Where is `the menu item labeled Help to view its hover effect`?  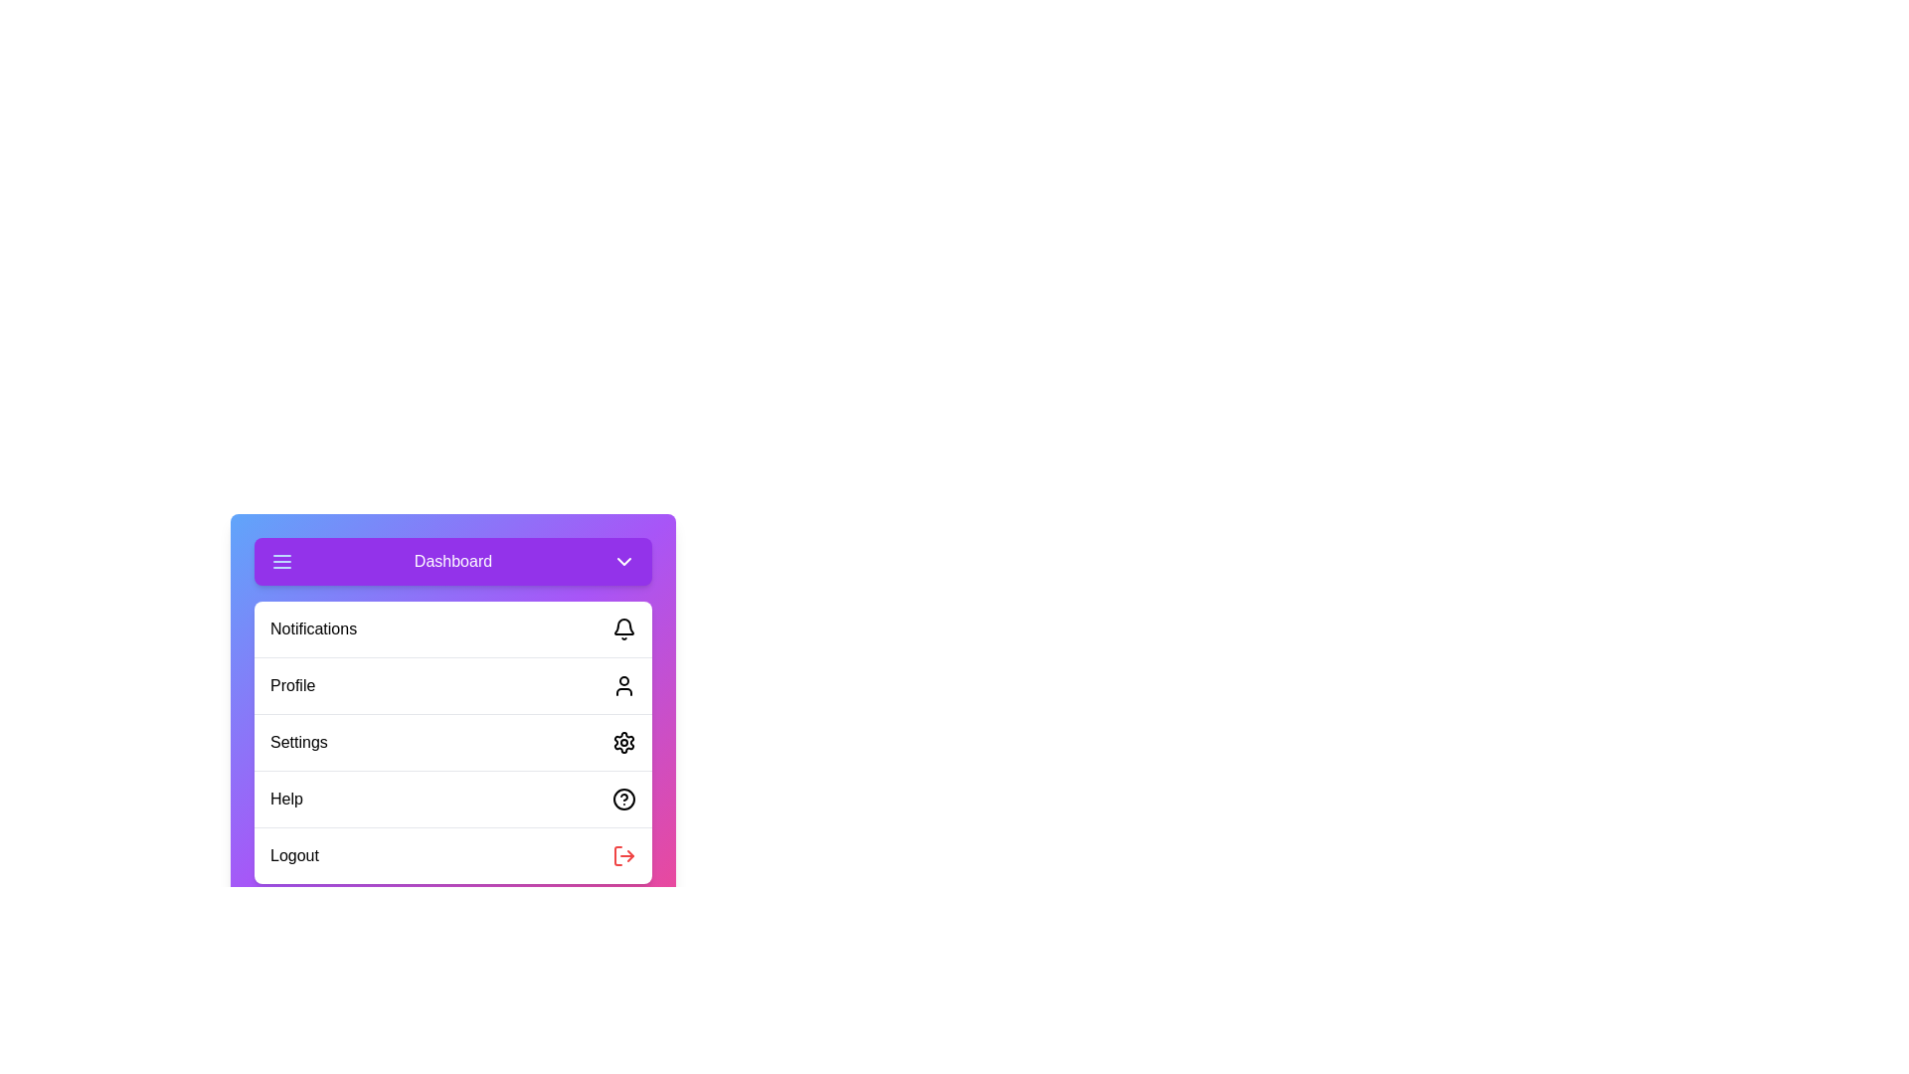 the menu item labeled Help to view its hover effect is located at coordinates (452, 798).